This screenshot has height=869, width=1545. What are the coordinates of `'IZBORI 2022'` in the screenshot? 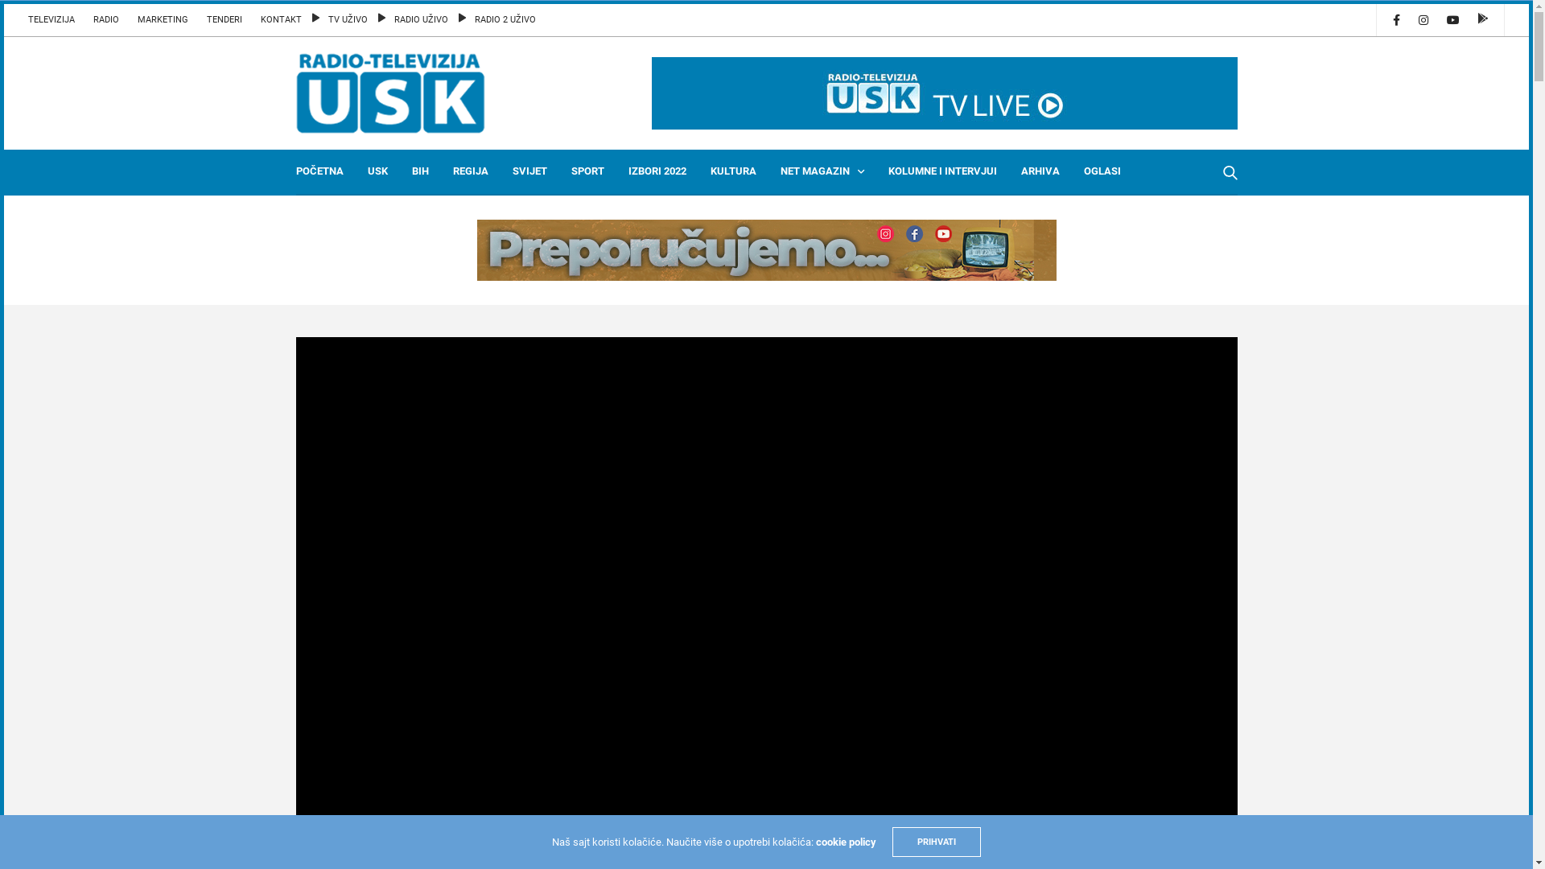 It's located at (657, 171).